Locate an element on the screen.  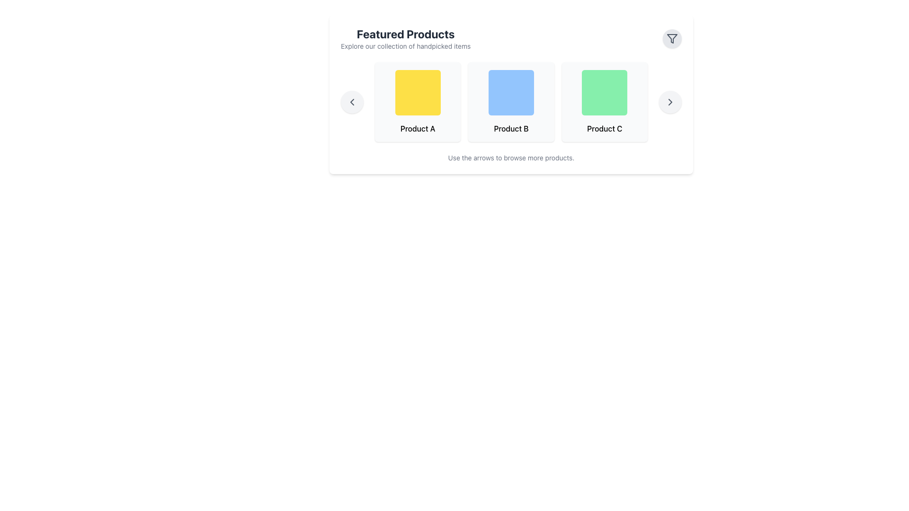
the circular button with a light gray background and a left-pointing chevron icon is located at coordinates (352, 102).